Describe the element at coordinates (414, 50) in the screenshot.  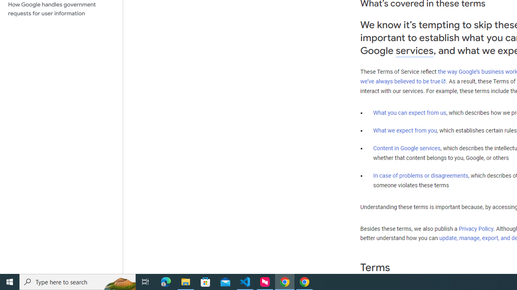
I see `'services'` at that location.